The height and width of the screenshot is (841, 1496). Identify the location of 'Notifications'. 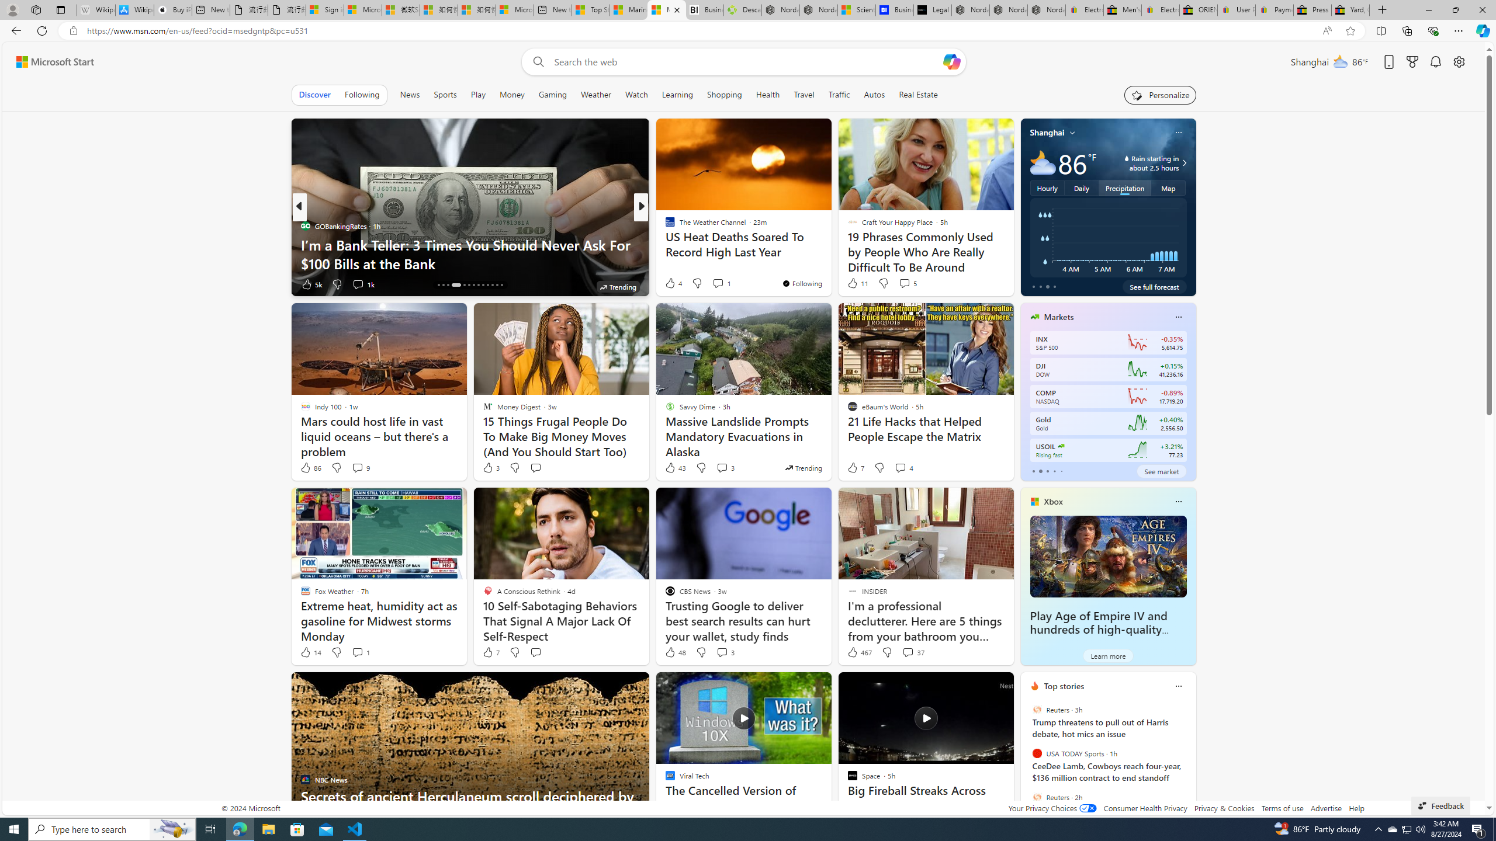
(1436, 62).